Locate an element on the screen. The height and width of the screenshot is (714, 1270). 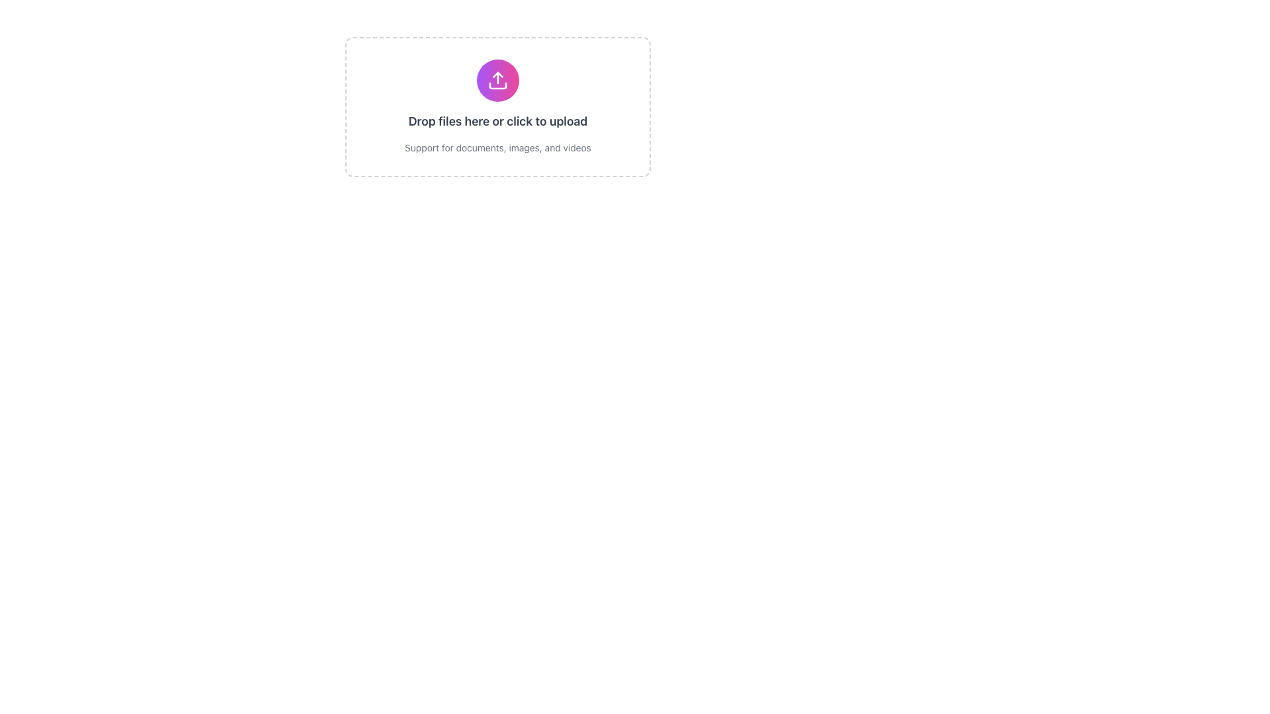
the center of the upload button with an icon is located at coordinates (497, 81).